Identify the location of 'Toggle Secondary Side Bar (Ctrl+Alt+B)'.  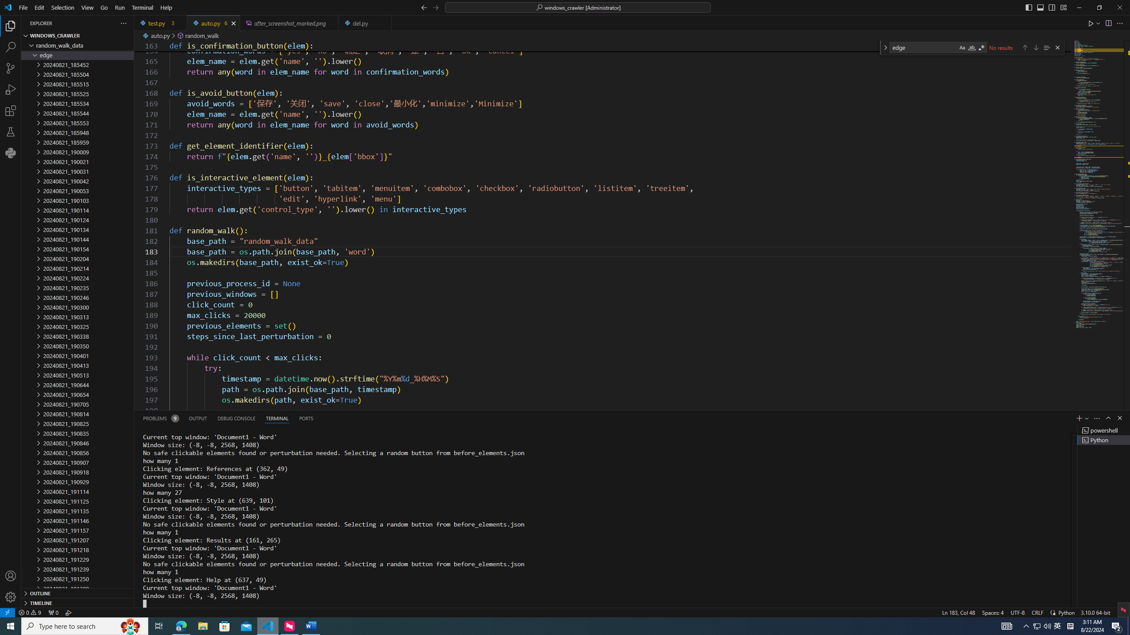
(1051, 7).